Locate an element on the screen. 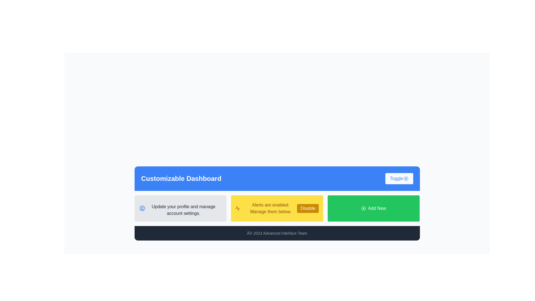 Image resolution: width=535 pixels, height=301 pixels. the 'Add New' button which contains a solid circle representing the primary part of the button icon, visually positioned centrally within the button's bounds is located at coordinates (363, 208).